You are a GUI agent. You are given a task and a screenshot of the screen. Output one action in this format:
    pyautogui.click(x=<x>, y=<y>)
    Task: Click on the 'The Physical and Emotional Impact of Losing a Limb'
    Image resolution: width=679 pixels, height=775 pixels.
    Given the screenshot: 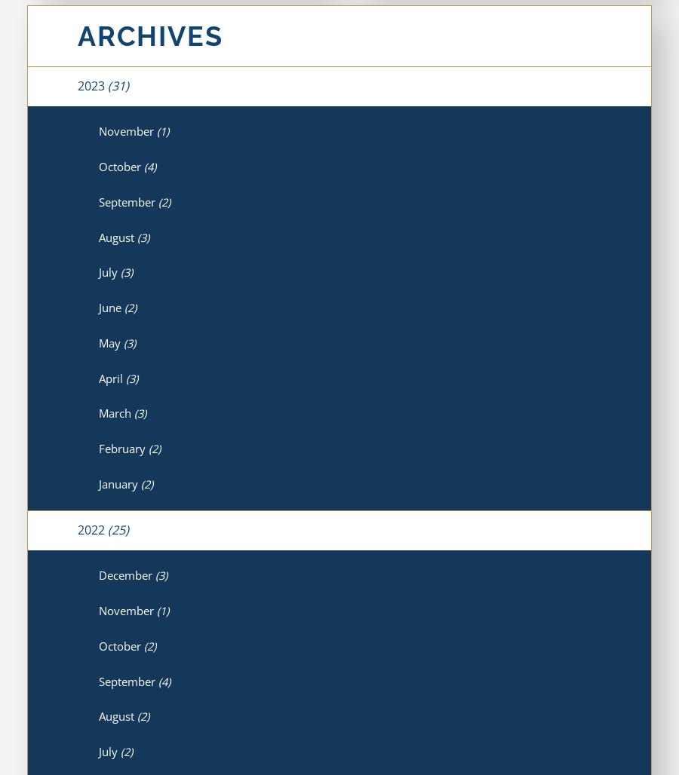 What is the action you would take?
    pyautogui.click(x=223, y=443)
    